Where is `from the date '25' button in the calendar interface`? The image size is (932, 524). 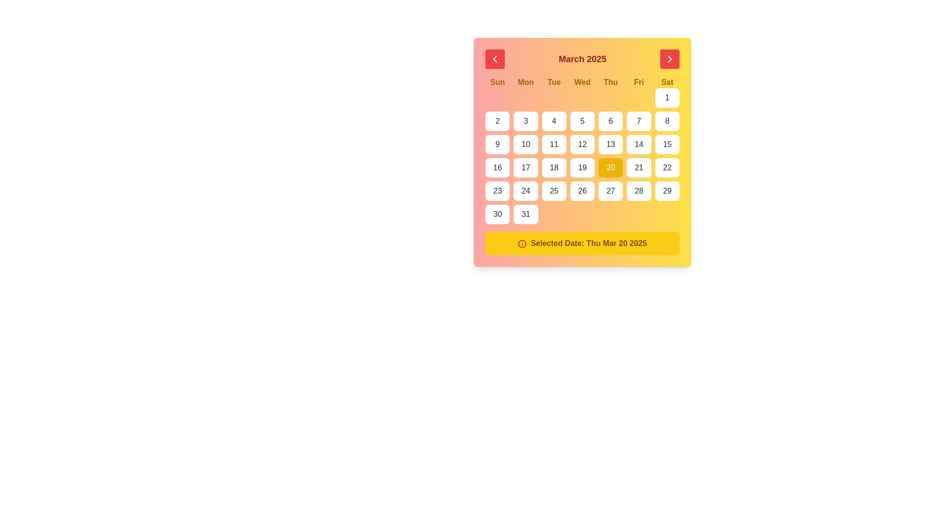
from the date '25' button in the calendar interface is located at coordinates (554, 191).